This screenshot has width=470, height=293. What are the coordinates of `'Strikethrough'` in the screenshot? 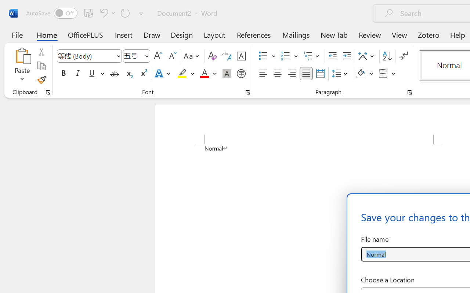 It's located at (114, 74).